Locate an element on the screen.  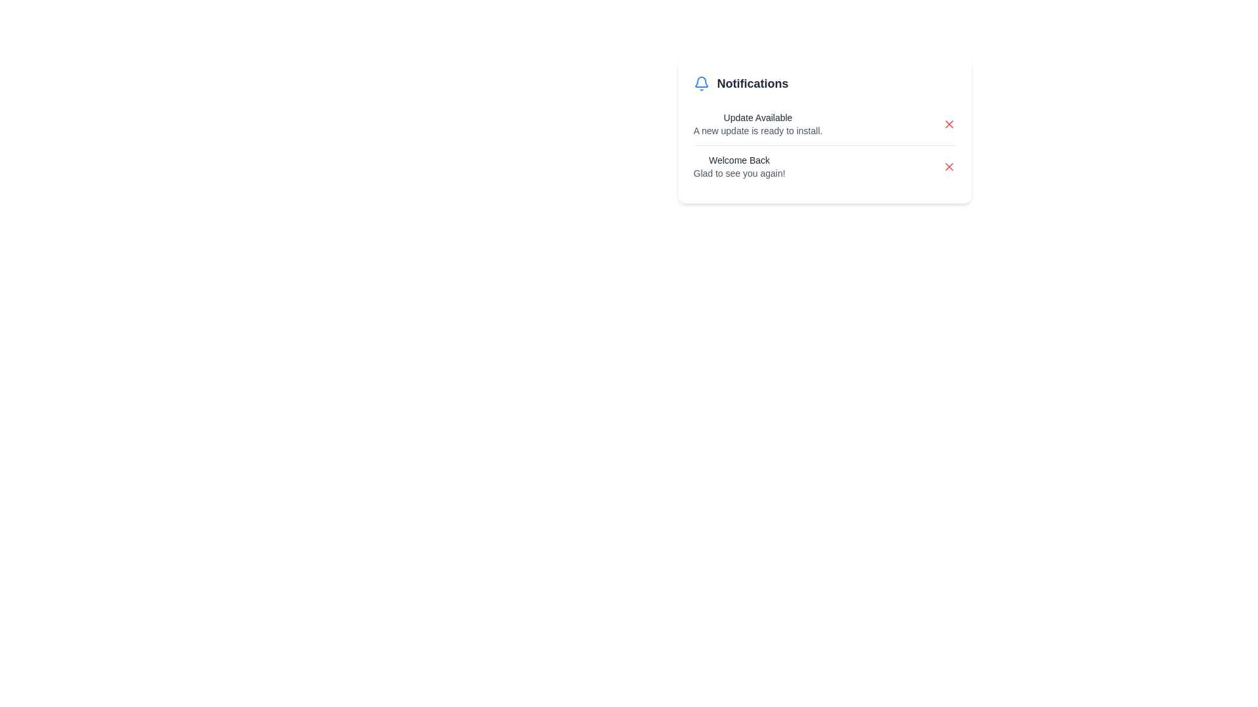
the static text label 'Update Available', which is styled with a medium font weight and dark gray color, located at the top left of a notification card is located at coordinates (757, 118).